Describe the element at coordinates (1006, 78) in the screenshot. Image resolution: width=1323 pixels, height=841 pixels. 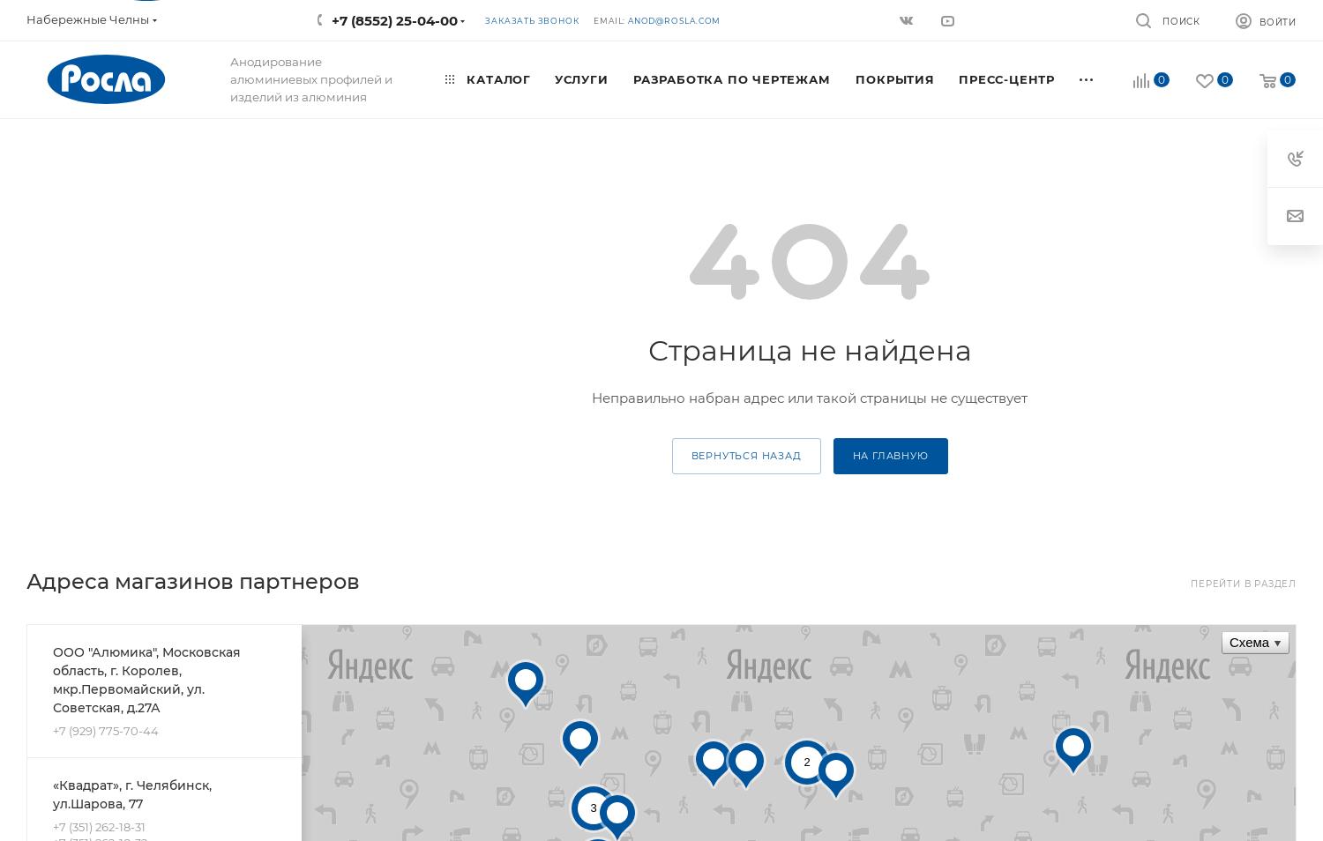
I see `'Пресс-центр'` at that location.